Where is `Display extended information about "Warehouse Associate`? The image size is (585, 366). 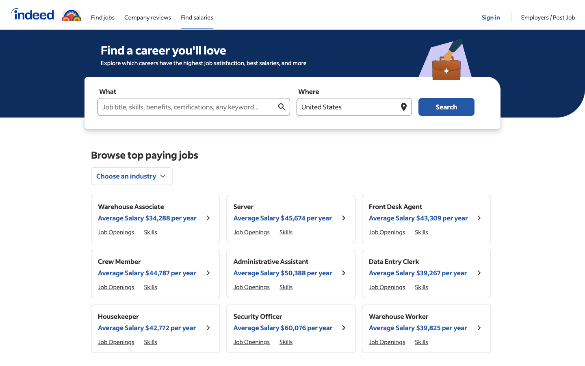 Display extended information about "Warehouse Associate is located at coordinates (208, 218).